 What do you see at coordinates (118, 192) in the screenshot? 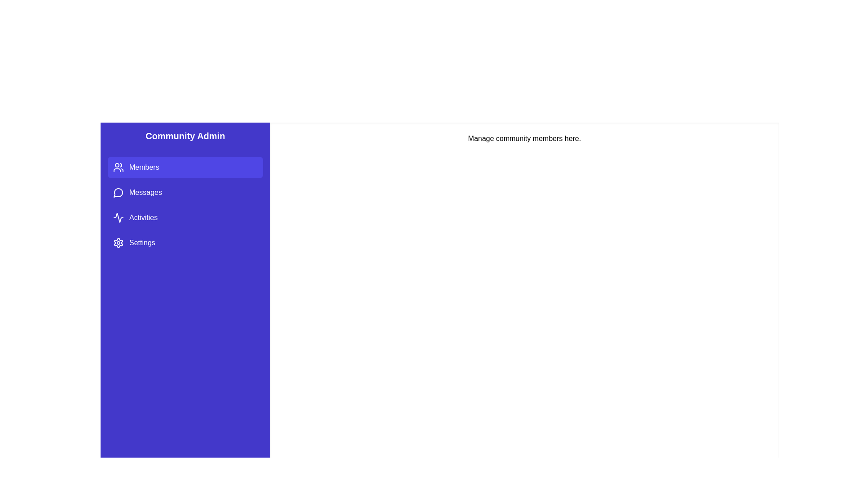
I see `the circular icon featuring a speech bubble graphic located in the sidebar menu to the left of the 'Messages' text` at bounding box center [118, 192].